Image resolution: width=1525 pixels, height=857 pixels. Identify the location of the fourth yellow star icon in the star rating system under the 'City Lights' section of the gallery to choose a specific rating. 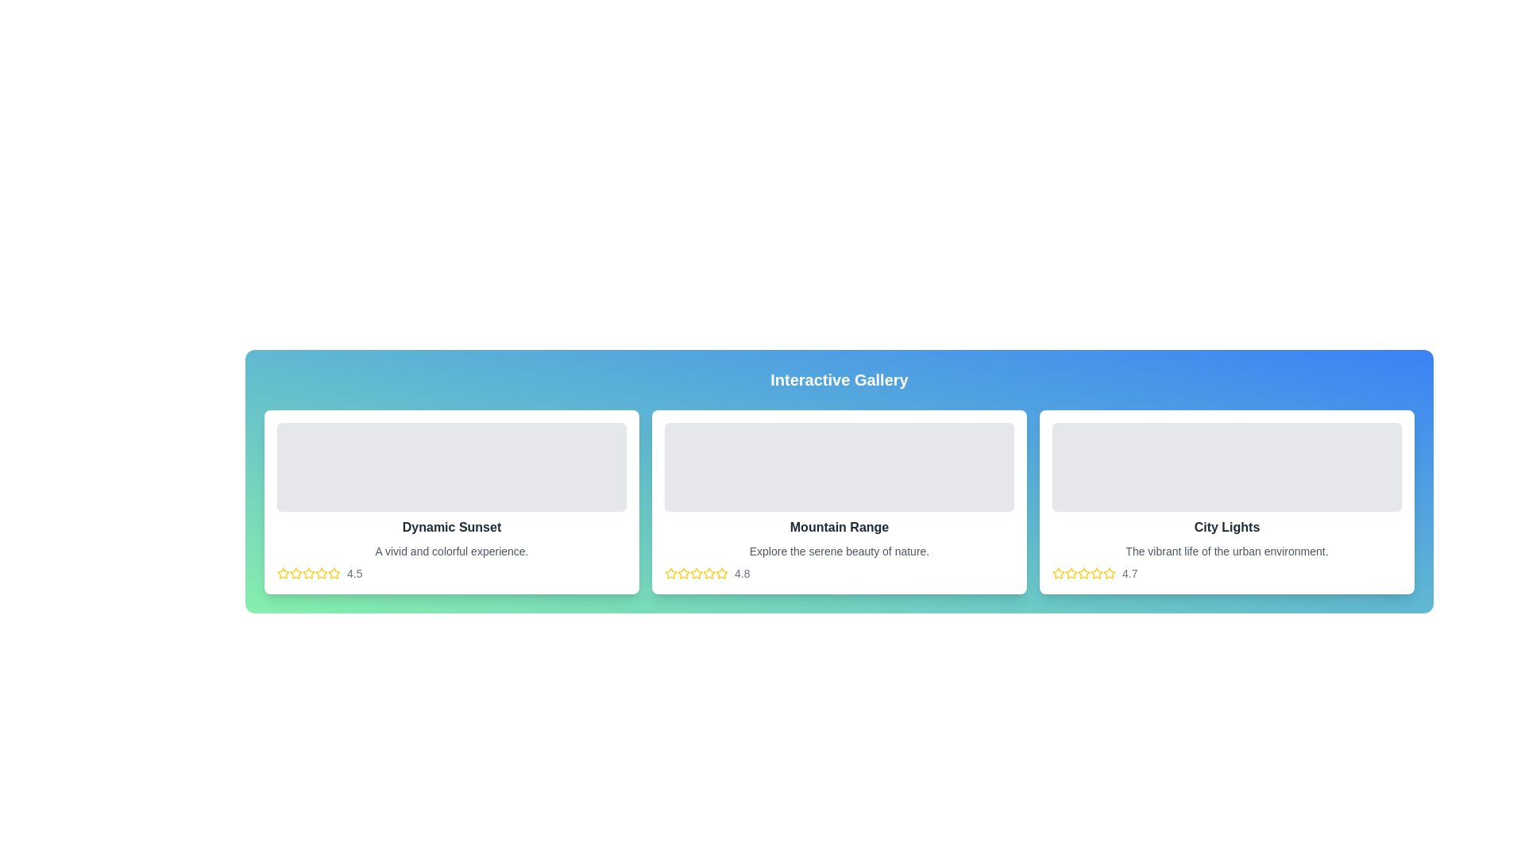
(1095, 572).